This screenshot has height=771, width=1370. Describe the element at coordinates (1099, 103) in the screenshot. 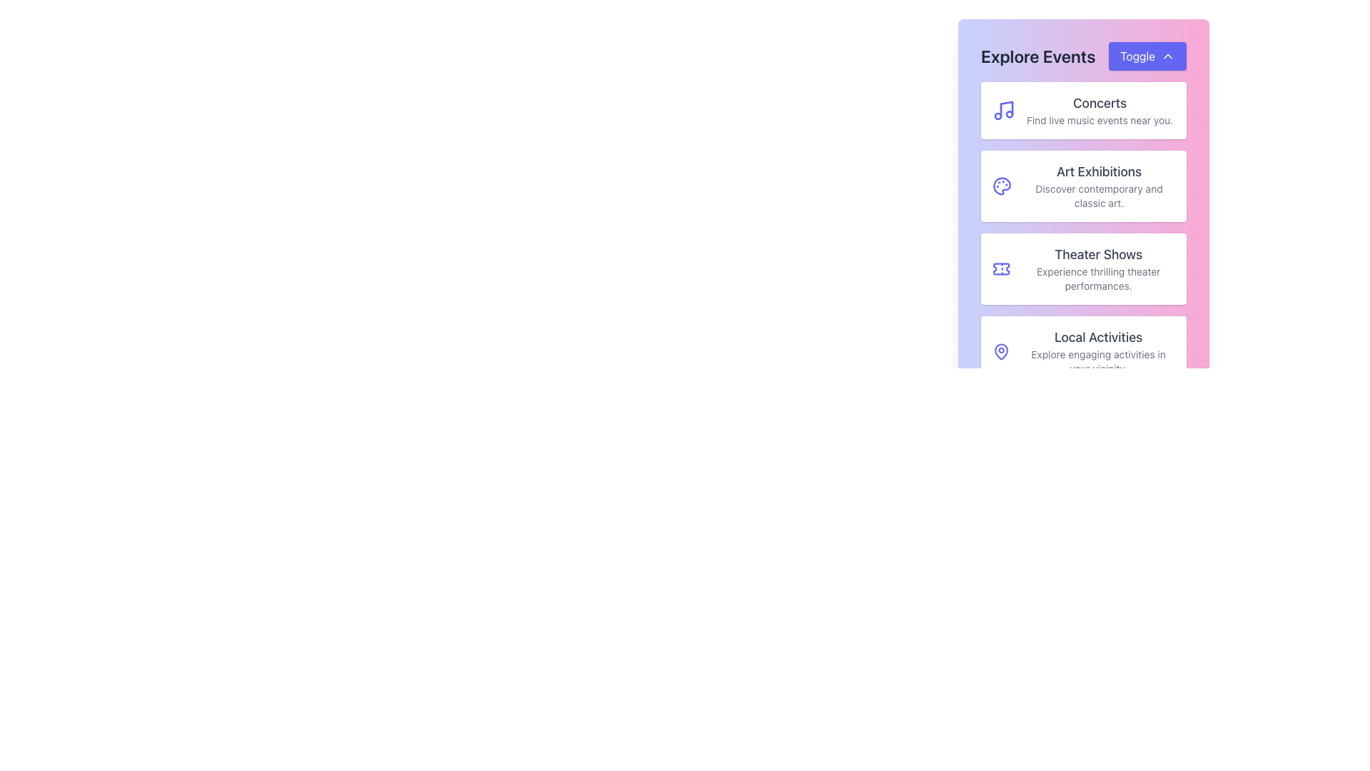

I see `the 'Concerts' header label styled with a large bold font in dark gray color, located in the sidebar menu under 'Explore Events'` at that location.